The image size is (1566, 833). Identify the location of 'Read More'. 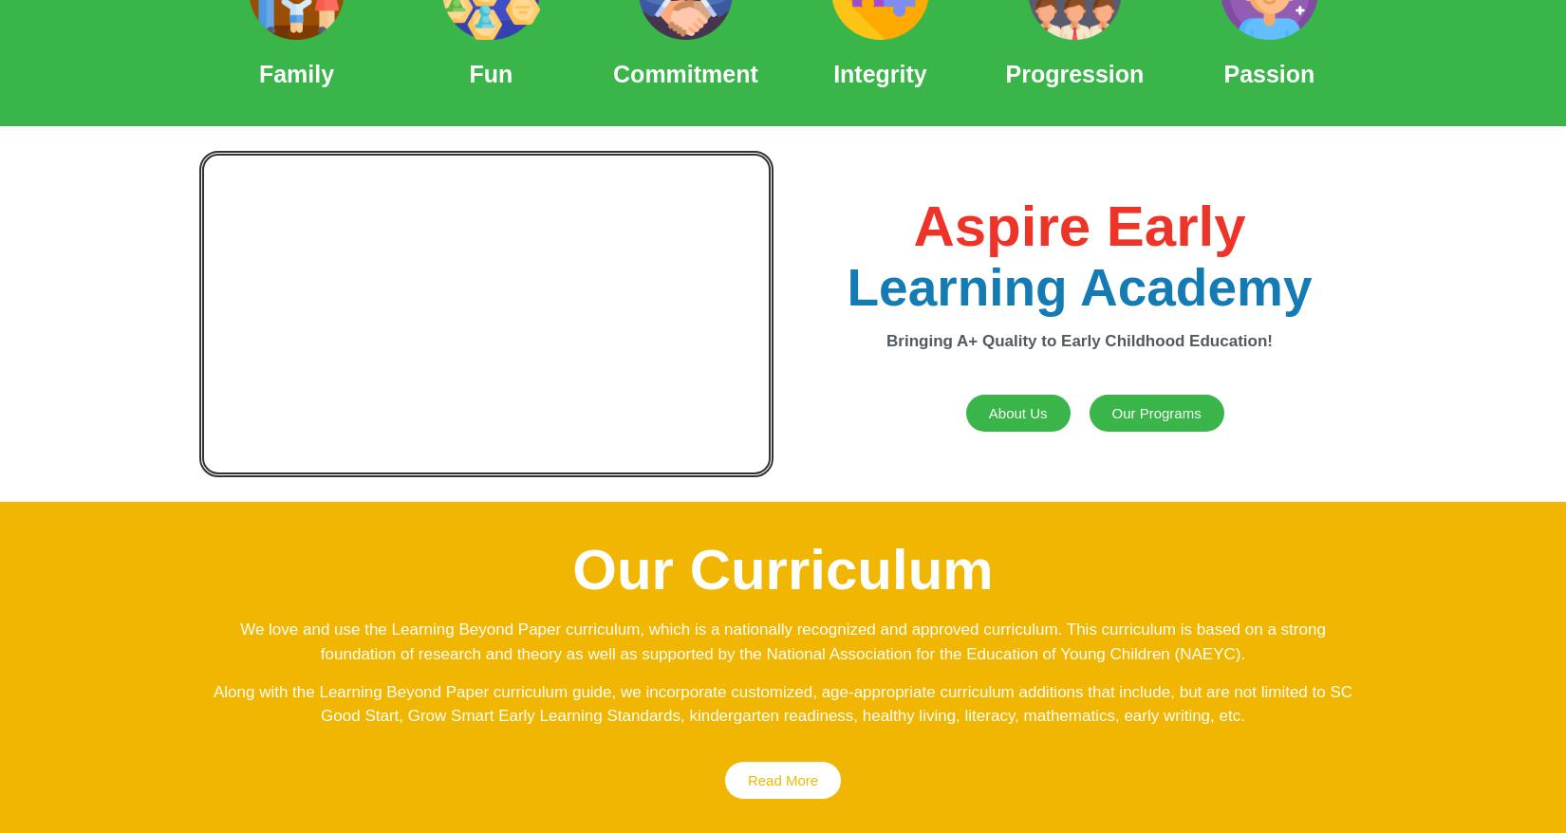
(781, 779).